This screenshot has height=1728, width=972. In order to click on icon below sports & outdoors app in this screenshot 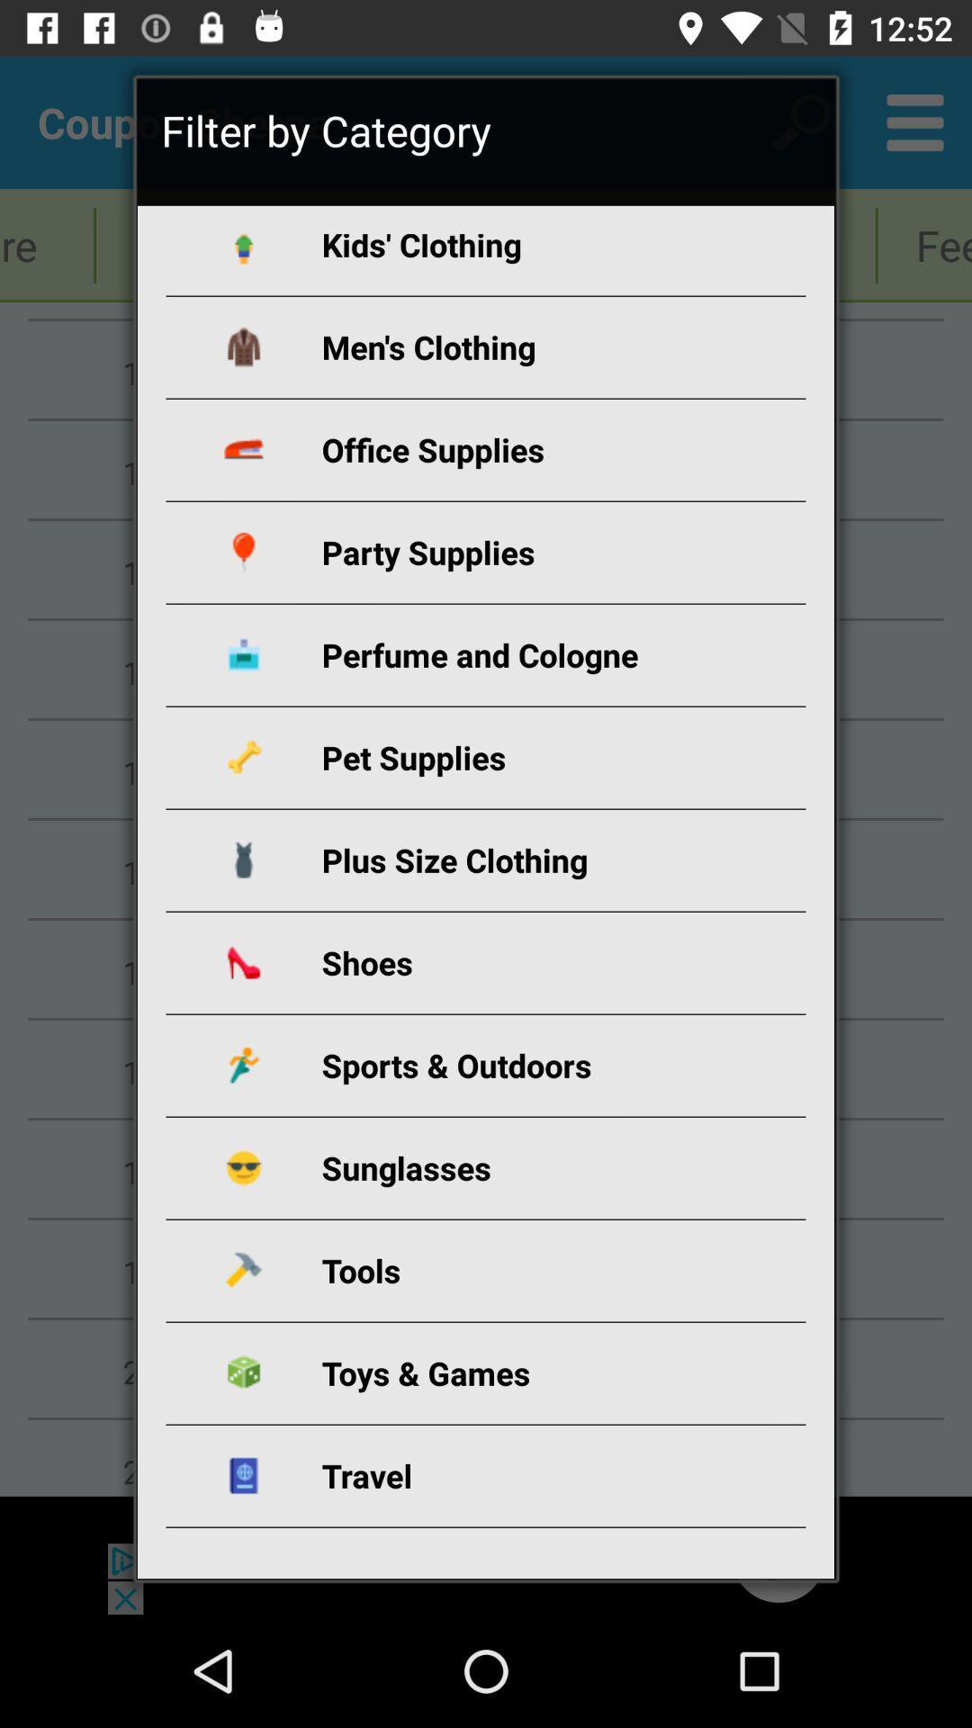, I will do `click(507, 1167)`.